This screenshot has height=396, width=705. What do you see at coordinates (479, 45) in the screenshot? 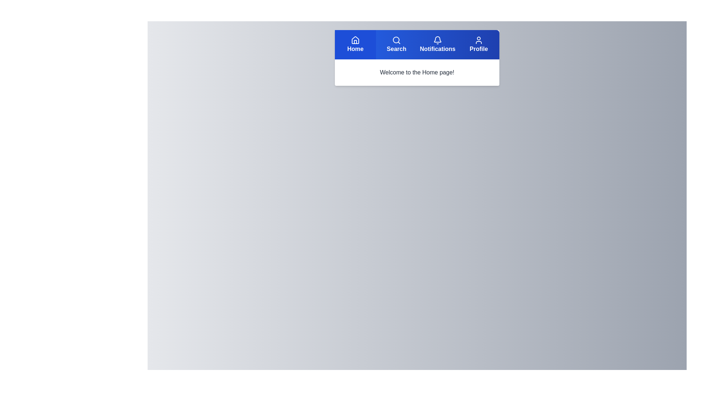
I see `the Profile button in the navigation bar` at bounding box center [479, 45].